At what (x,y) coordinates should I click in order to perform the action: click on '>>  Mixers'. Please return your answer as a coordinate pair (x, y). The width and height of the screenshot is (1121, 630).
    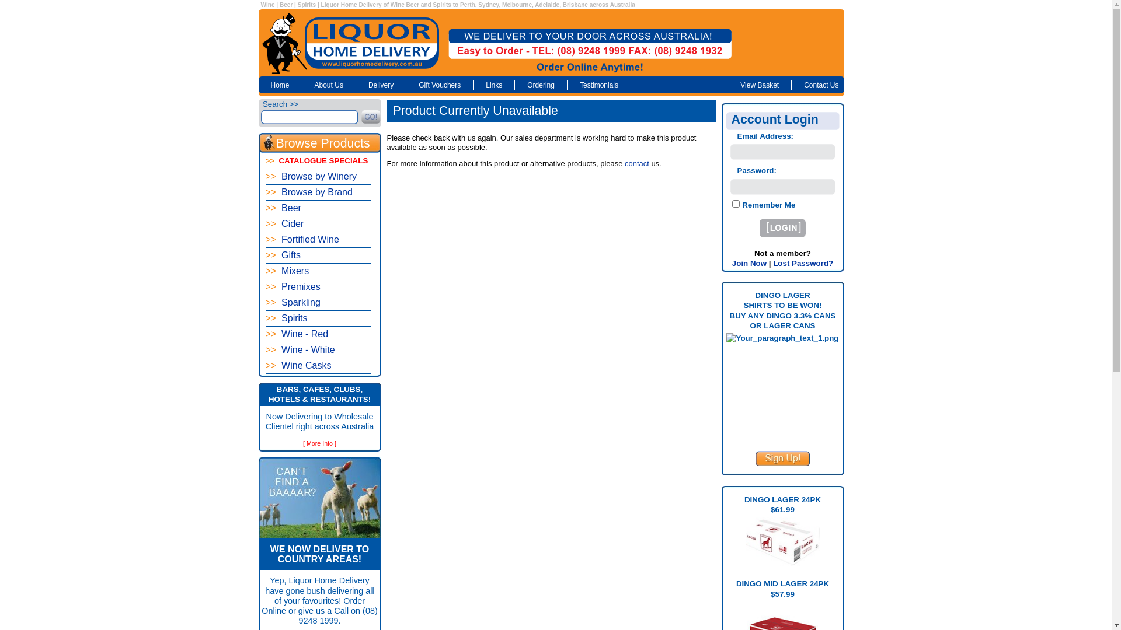
    Looking at the image, I should click on (317, 271).